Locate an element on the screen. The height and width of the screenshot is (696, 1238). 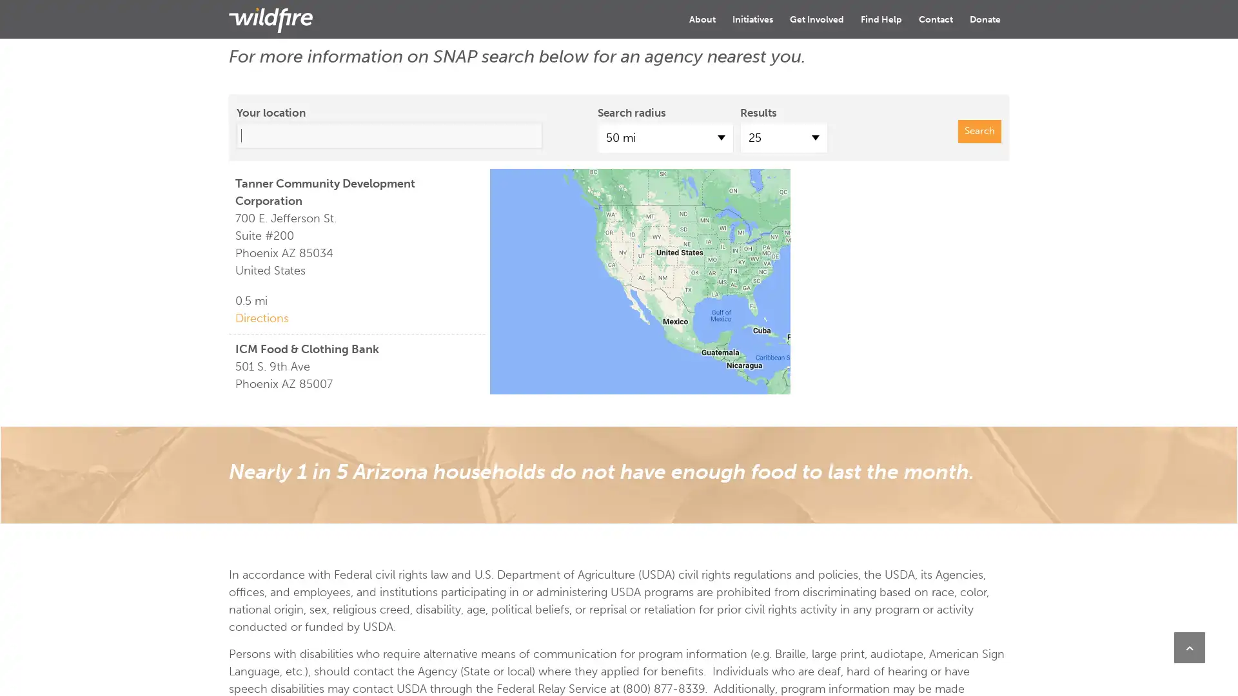
Salvation Army Family Services  Phoenix is located at coordinates (767, 271).